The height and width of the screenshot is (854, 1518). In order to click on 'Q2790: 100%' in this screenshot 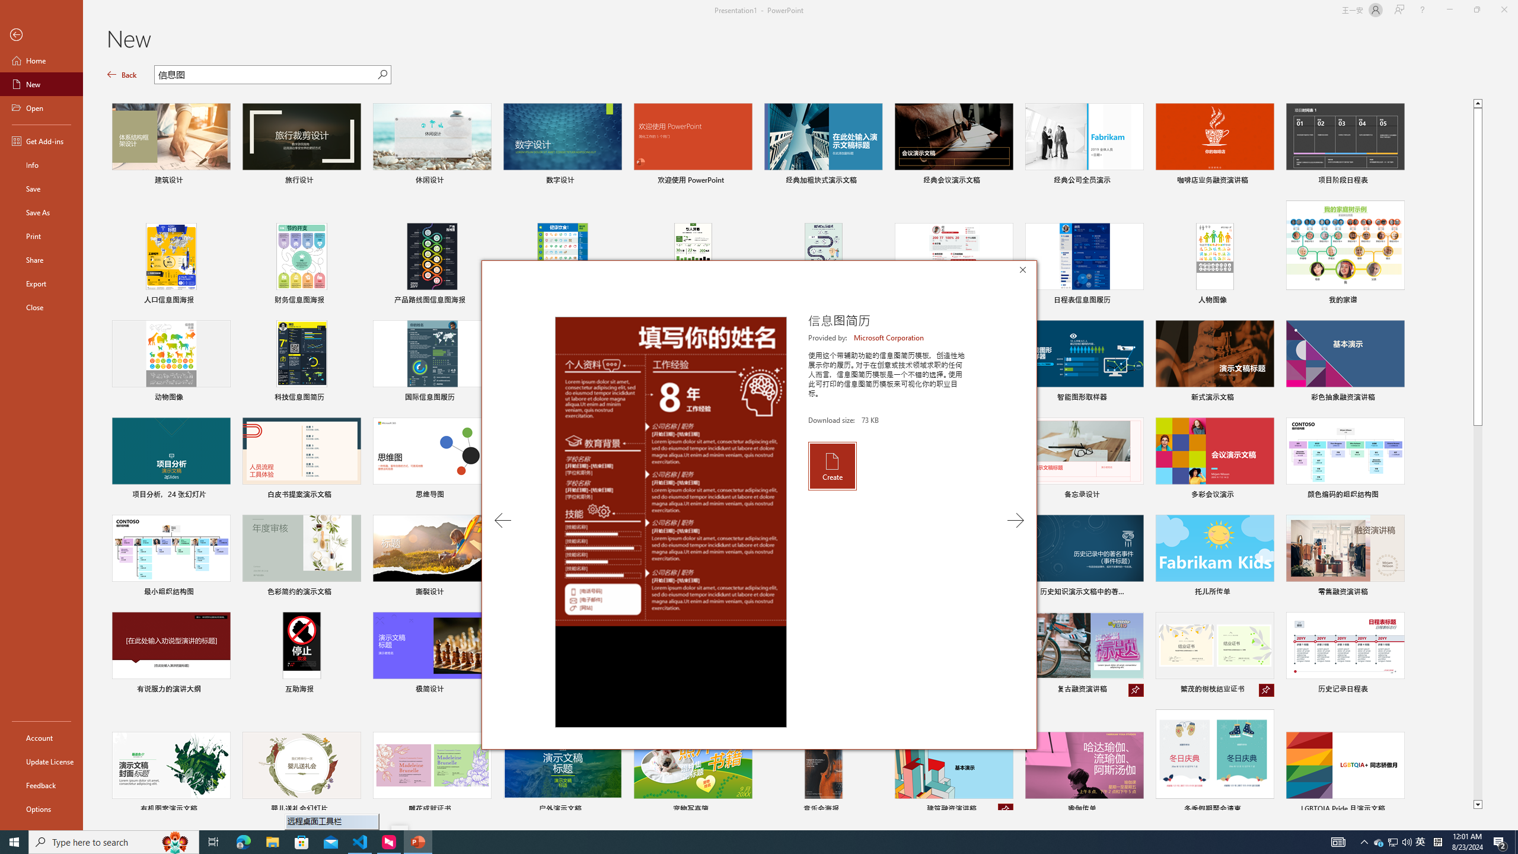, I will do `click(1421, 841)`.